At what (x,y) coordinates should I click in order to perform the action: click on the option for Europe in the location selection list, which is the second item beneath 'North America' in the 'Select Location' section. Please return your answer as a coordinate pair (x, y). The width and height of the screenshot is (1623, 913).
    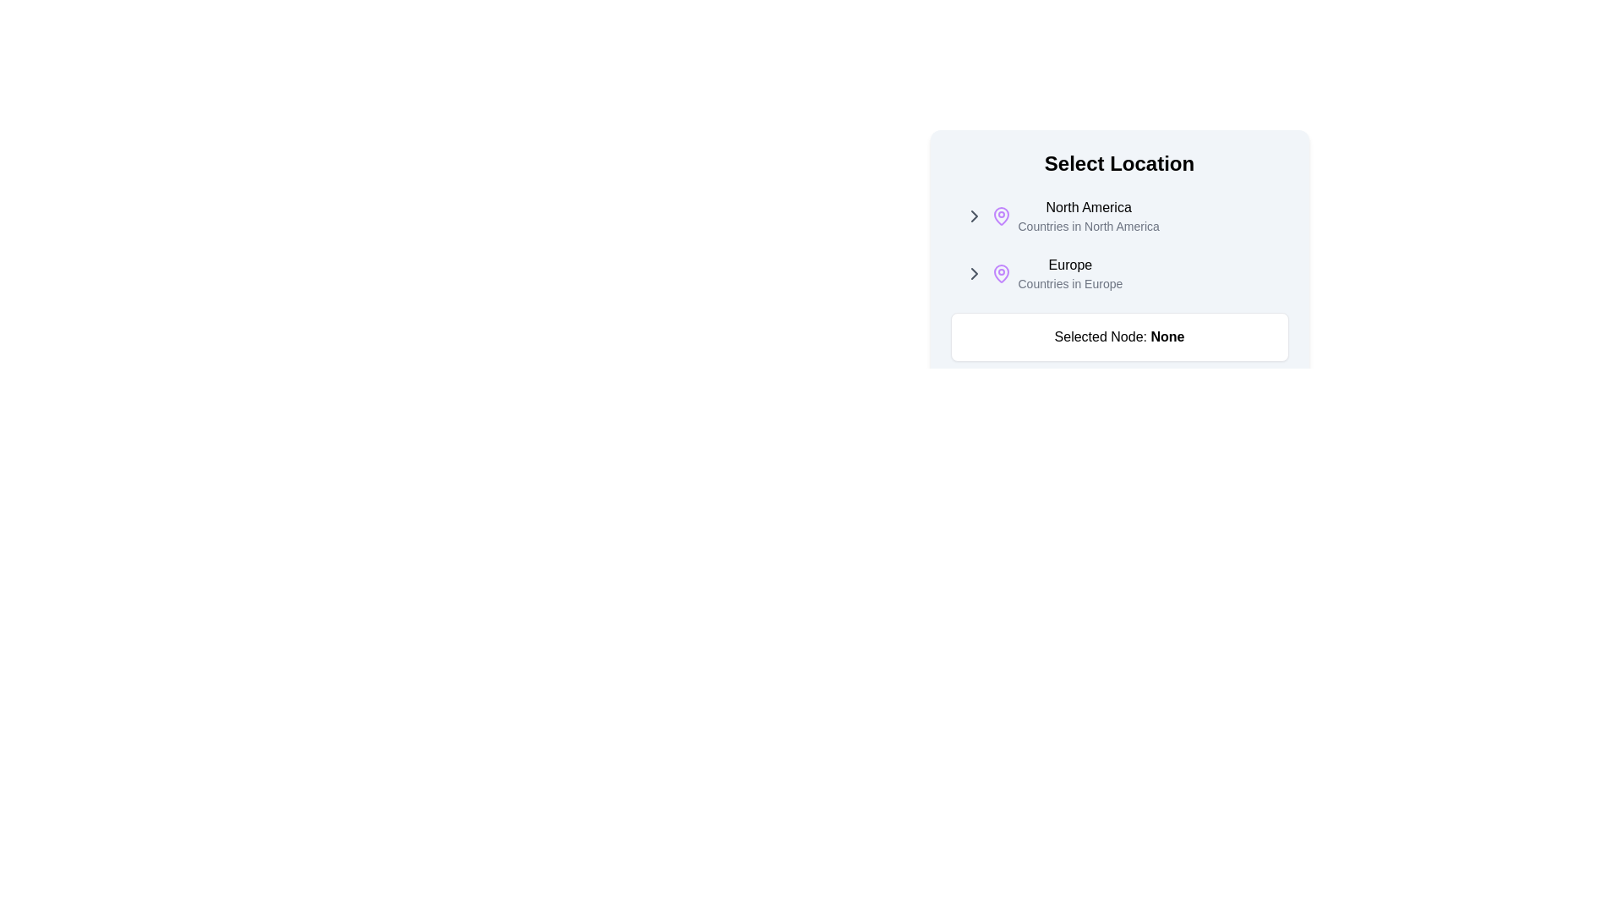
    Looking at the image, I should click on (1119, 273).